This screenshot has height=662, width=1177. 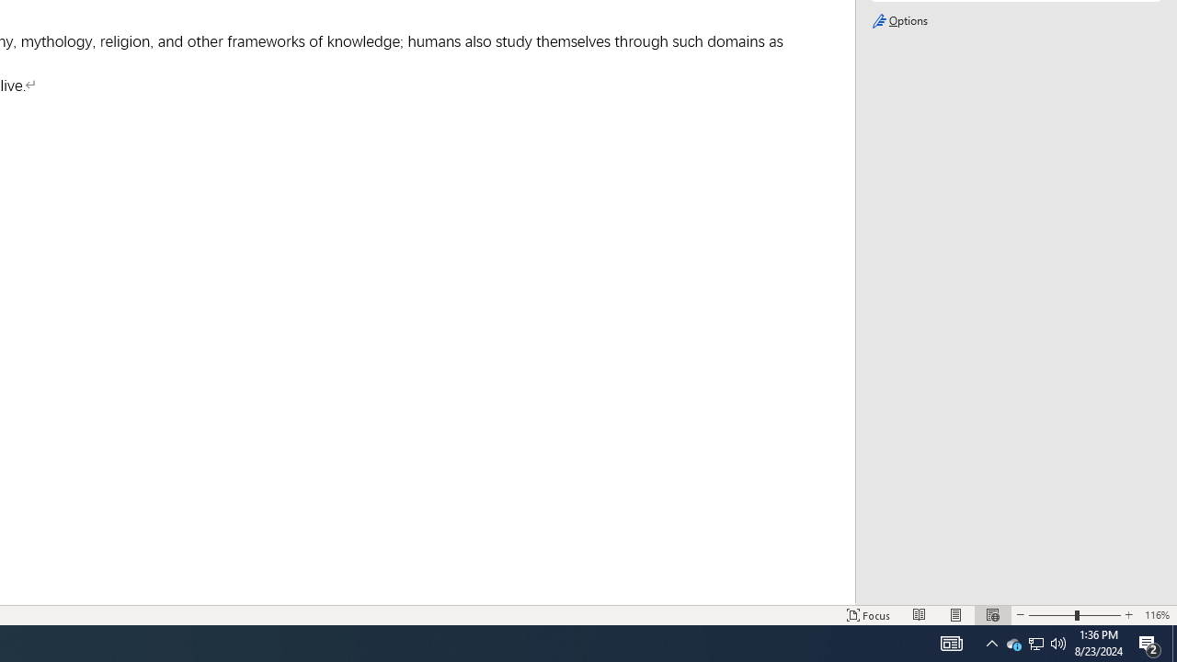 What do you see at coordinates (1156, 615) in the screenshot?
I see `'Zoom 116%'` at bounding box center [1156, 615].